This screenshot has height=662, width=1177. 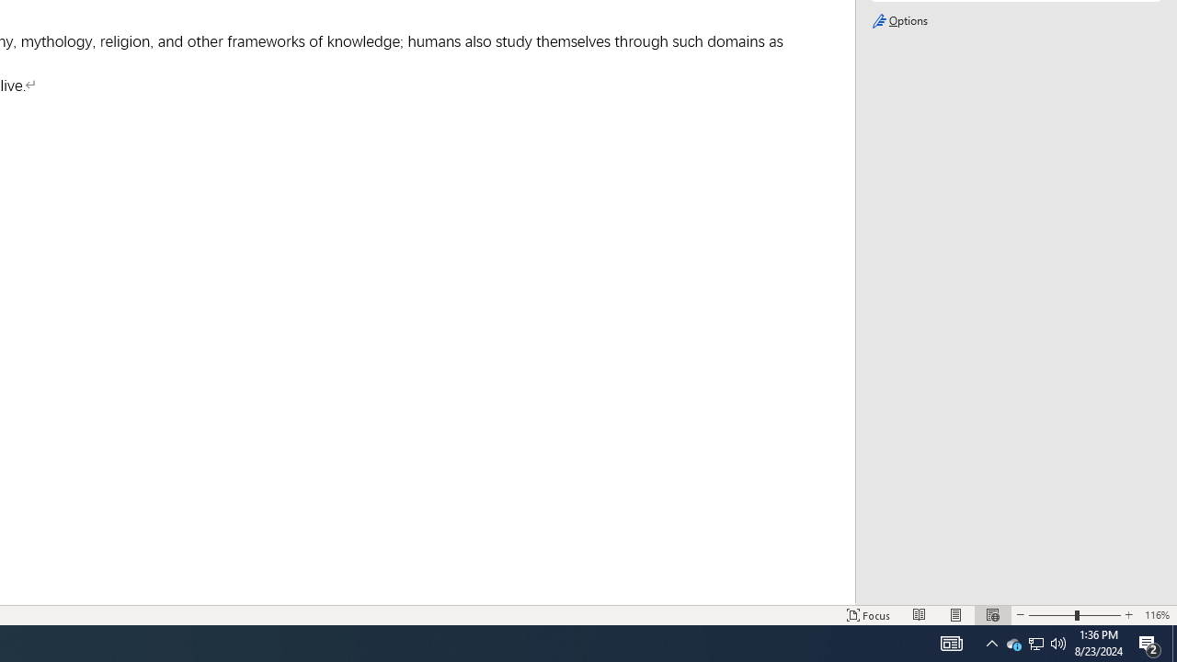 What do you see at coordinates (1156, 615) in the screenshot?
I see `'Zoom 116%'` at bounding box center [1156, 615].